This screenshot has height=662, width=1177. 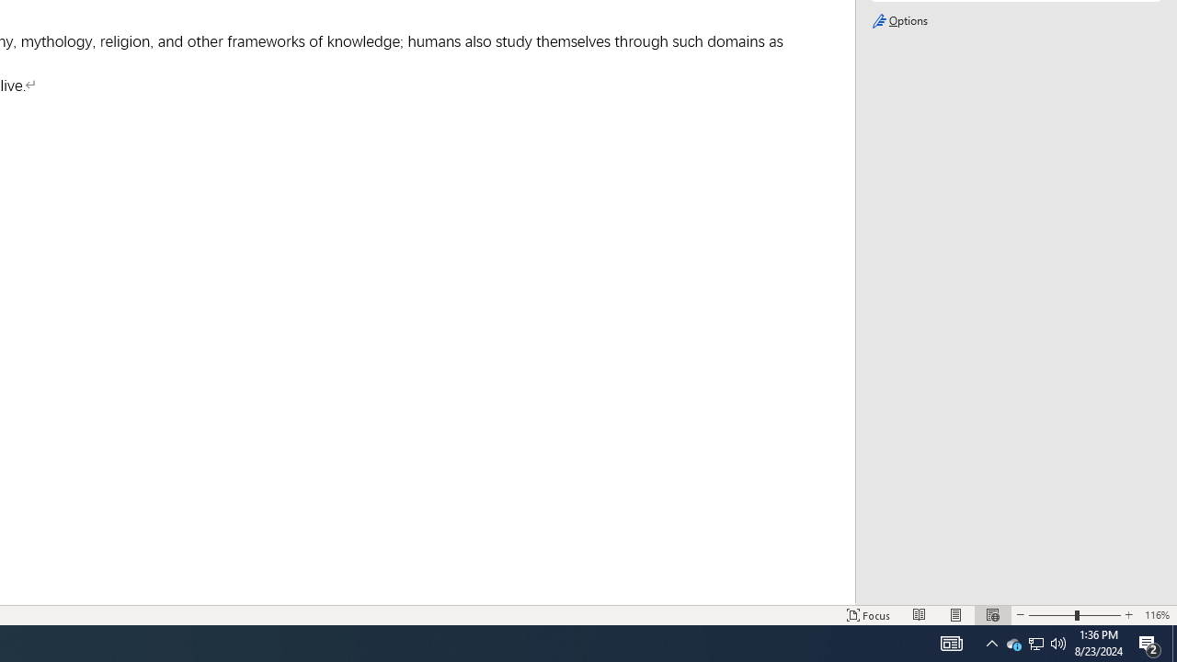 What do you see at coordinates (1156, 615) in the screenshot?
I see `'Zoom 116%'` at bounding box center [1156, 615].